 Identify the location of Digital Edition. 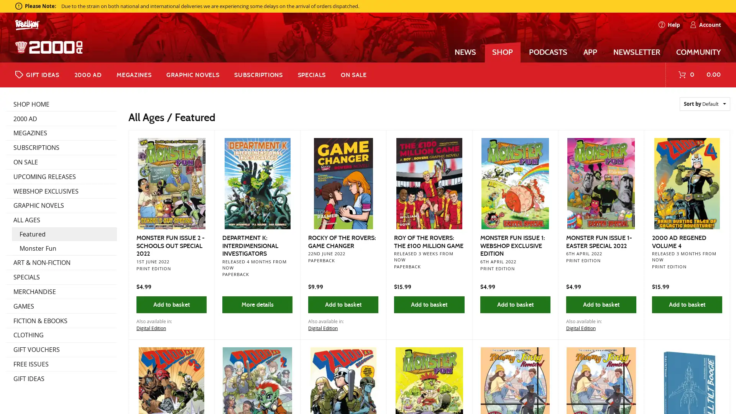
(580, 328).